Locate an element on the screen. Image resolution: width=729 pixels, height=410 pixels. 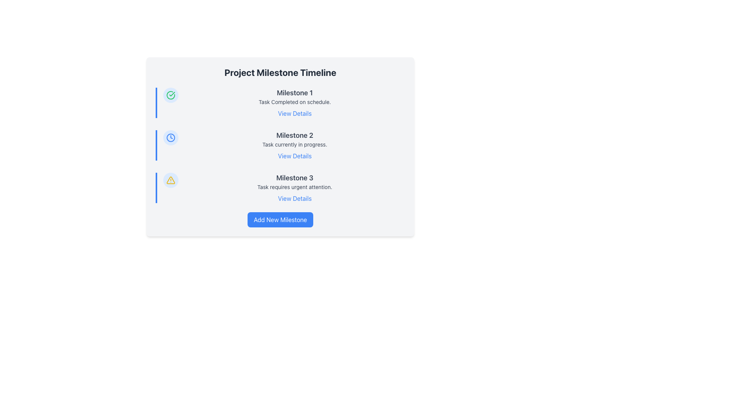
the hyperlink 'View Details' styled in blue with an underline that appears on hover, located beneath 'Task currently in progress.' in the milestone section 'Milestone 2' is located at coordinates (294, 156).